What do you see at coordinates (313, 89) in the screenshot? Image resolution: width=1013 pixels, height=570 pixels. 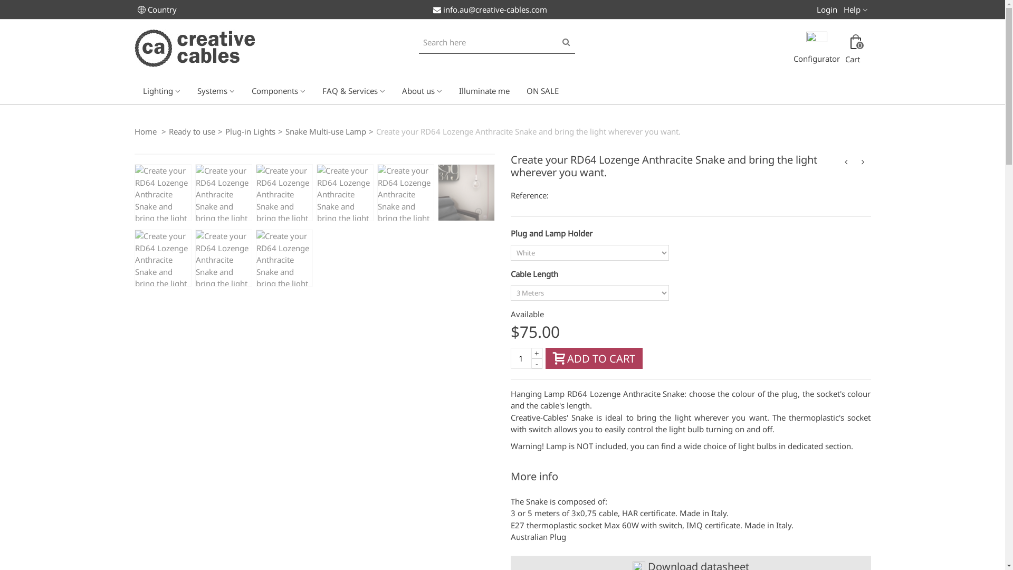 I see `'FAQ & Services'` at bounding box center [313, 89].